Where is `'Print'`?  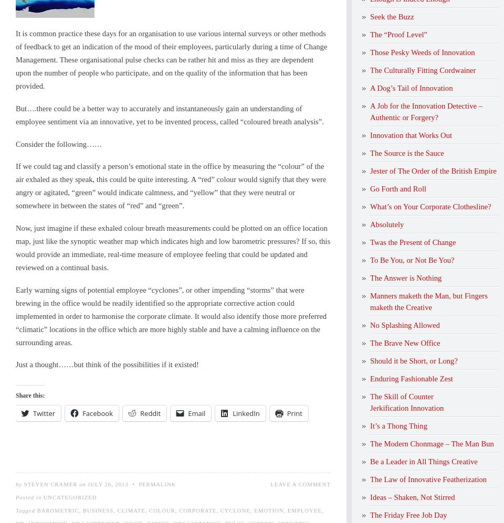 'Print' is located at coordinates (294, 413).